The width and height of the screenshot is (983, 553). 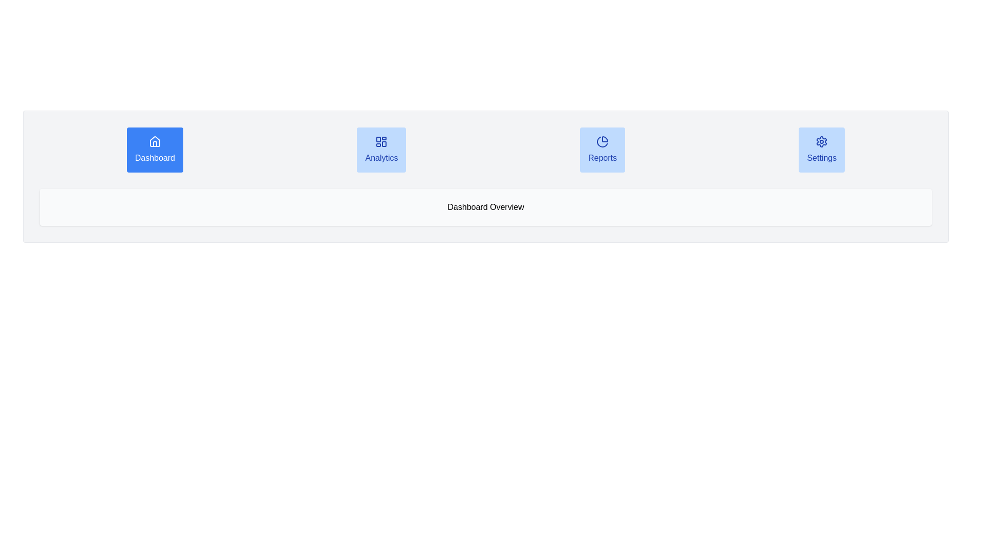 I want to click on the Analytics button located between the Dashboard and Reports buttons in the horizontal menu group, so click(x=381, y=150).